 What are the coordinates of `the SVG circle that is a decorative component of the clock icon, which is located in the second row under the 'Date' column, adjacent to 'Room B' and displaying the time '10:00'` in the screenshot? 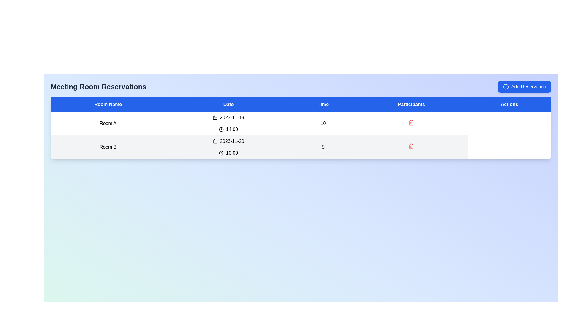 It's located at (221, 153).